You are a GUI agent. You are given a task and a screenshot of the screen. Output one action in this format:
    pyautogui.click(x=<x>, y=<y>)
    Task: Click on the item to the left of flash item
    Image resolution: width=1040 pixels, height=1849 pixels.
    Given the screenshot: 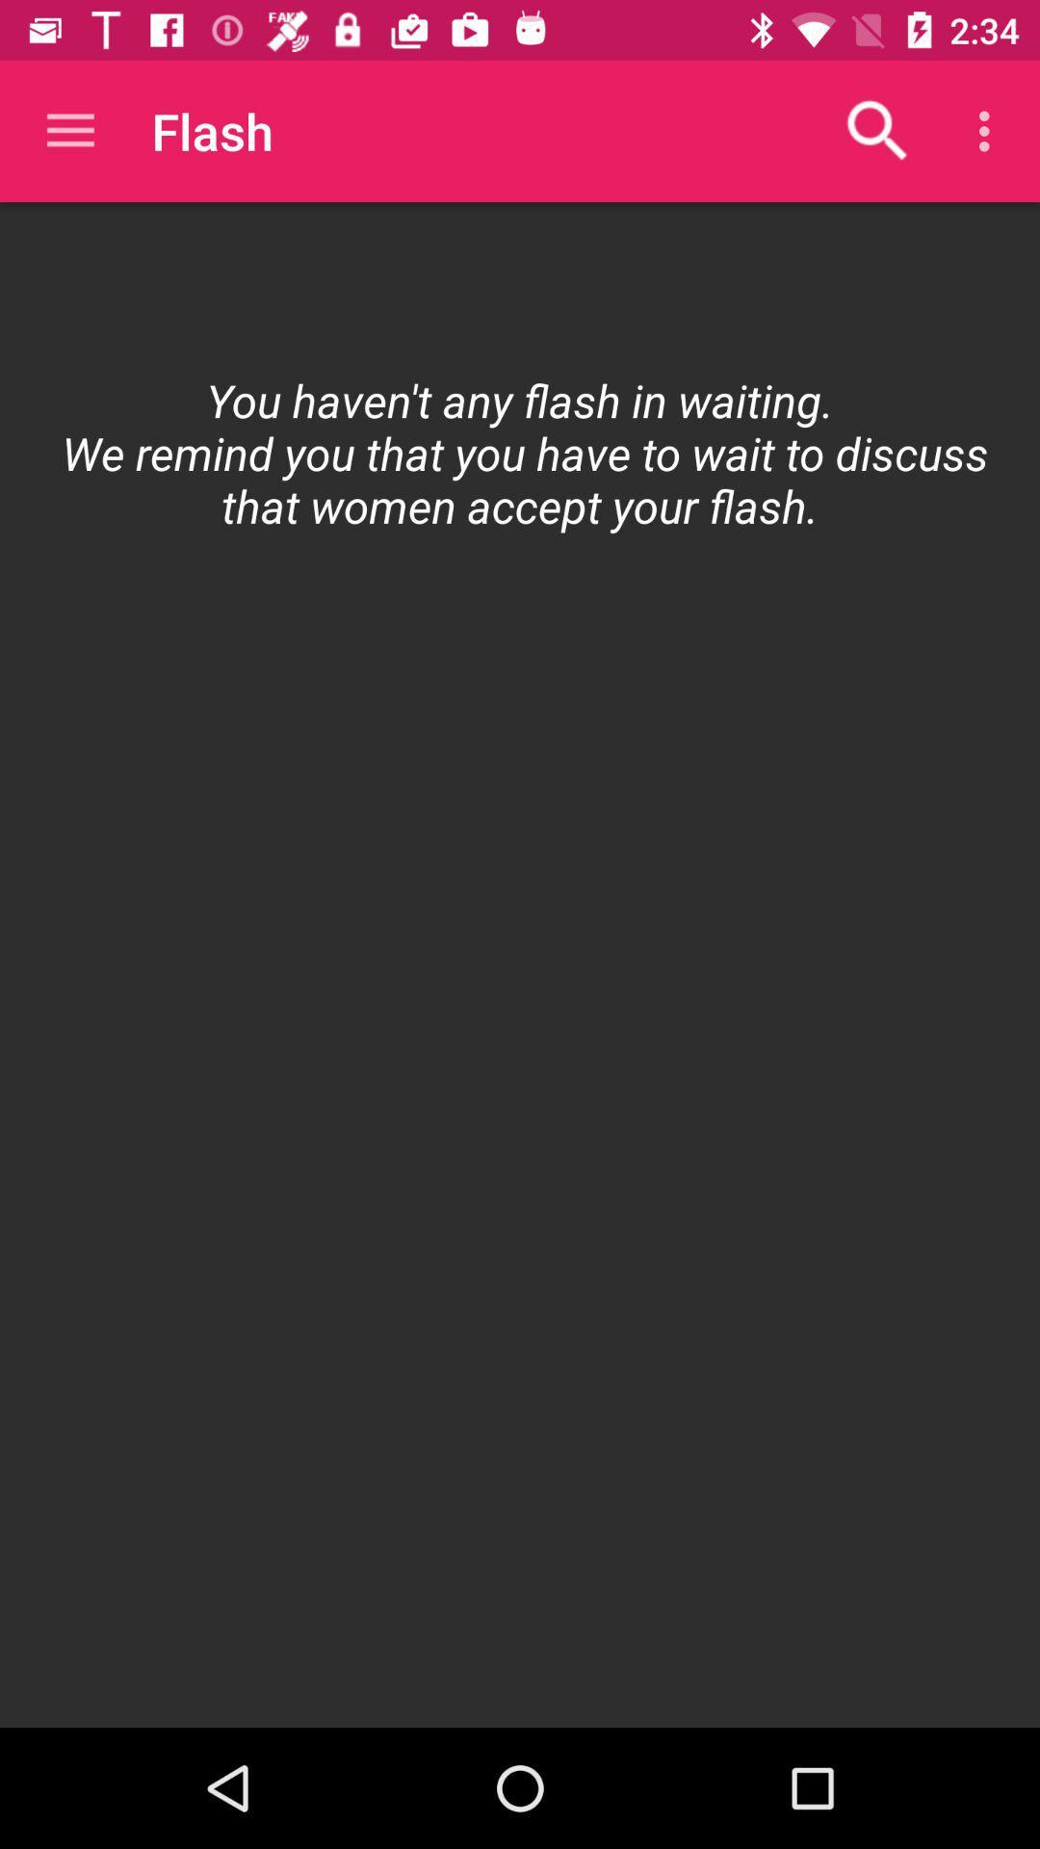 What is the action you would take?
    pyautogui.click(x=69, y=130)
    